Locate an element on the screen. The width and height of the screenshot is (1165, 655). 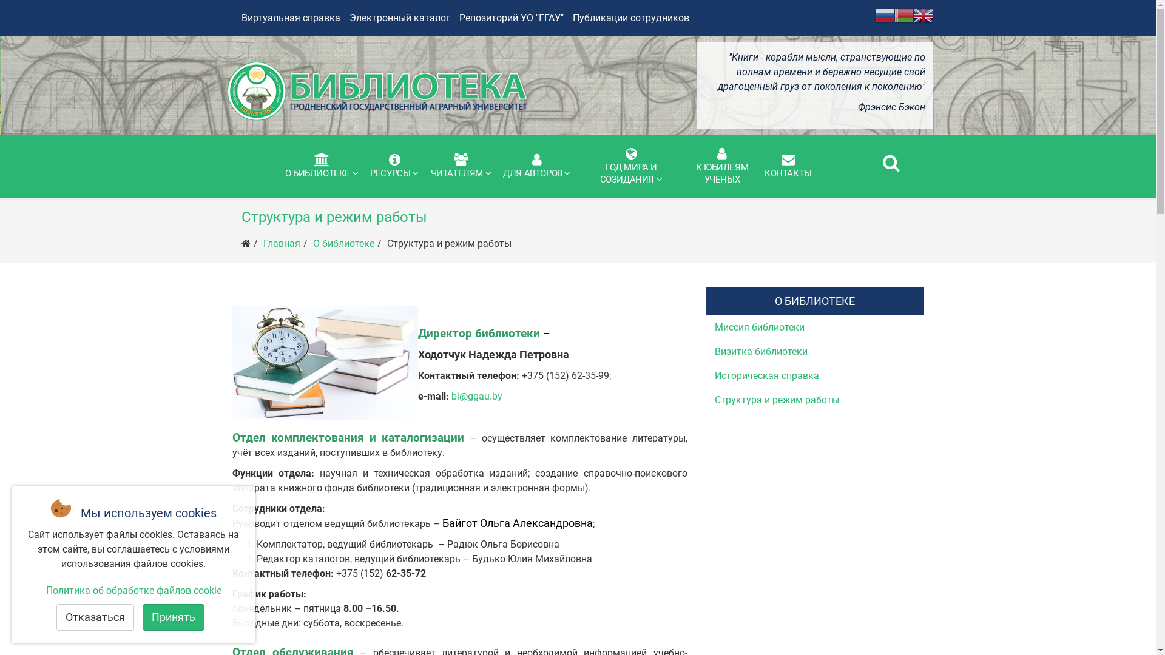
'English' is located at coordinates (922, 15).